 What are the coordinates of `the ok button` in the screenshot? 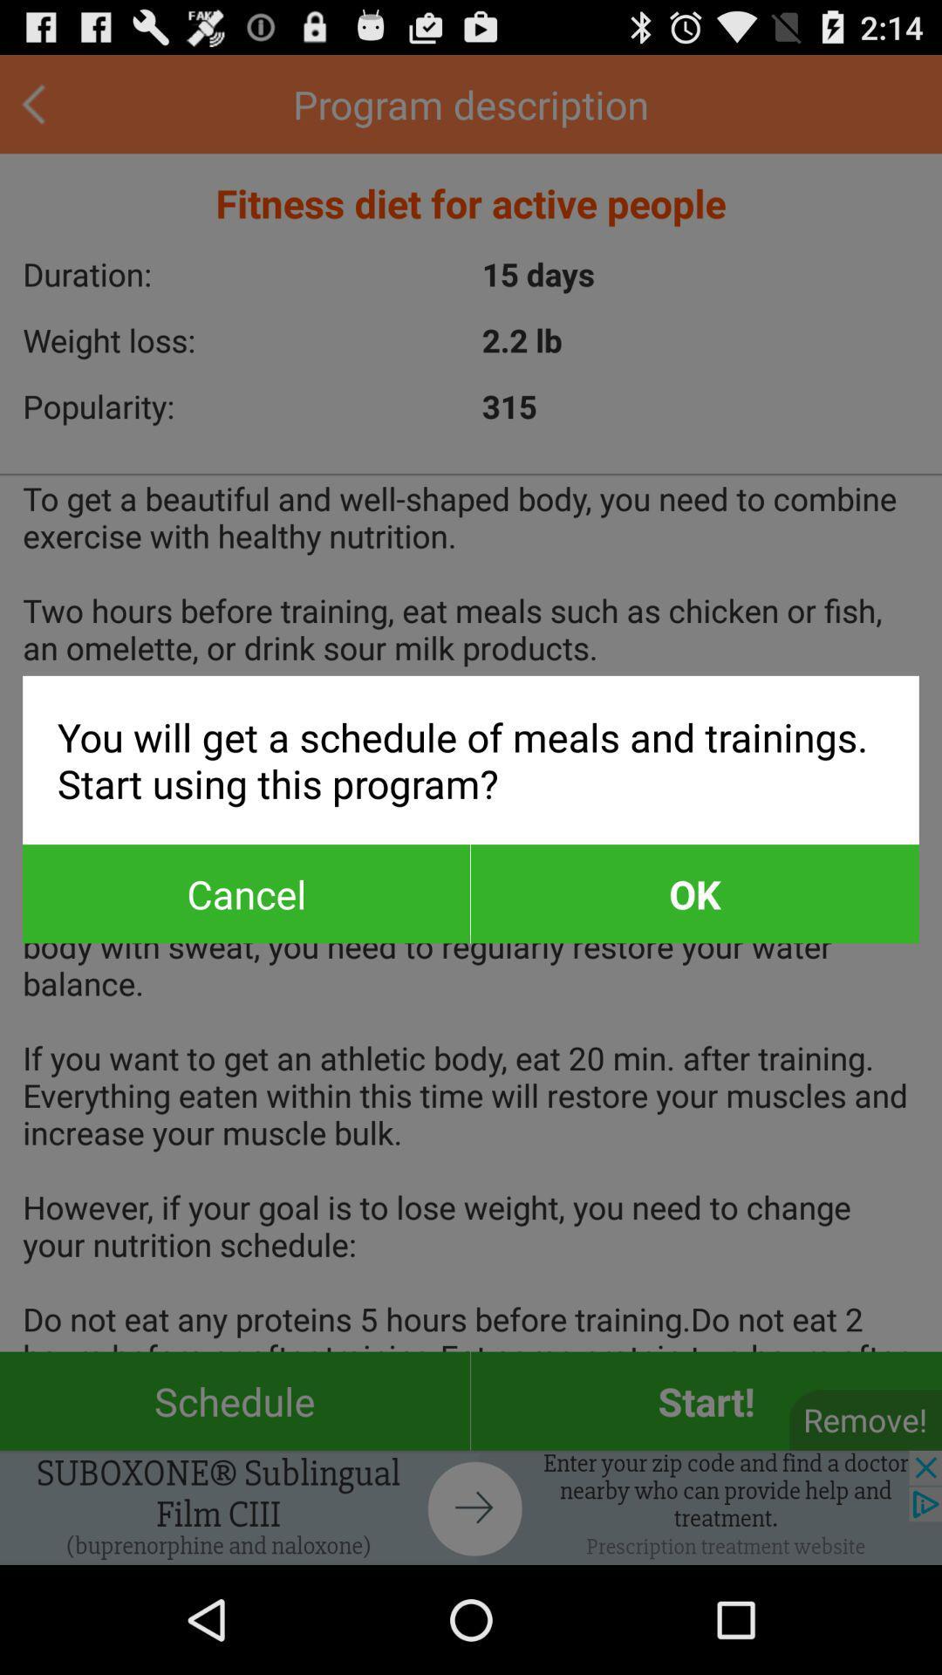 It's located at (693, 893).